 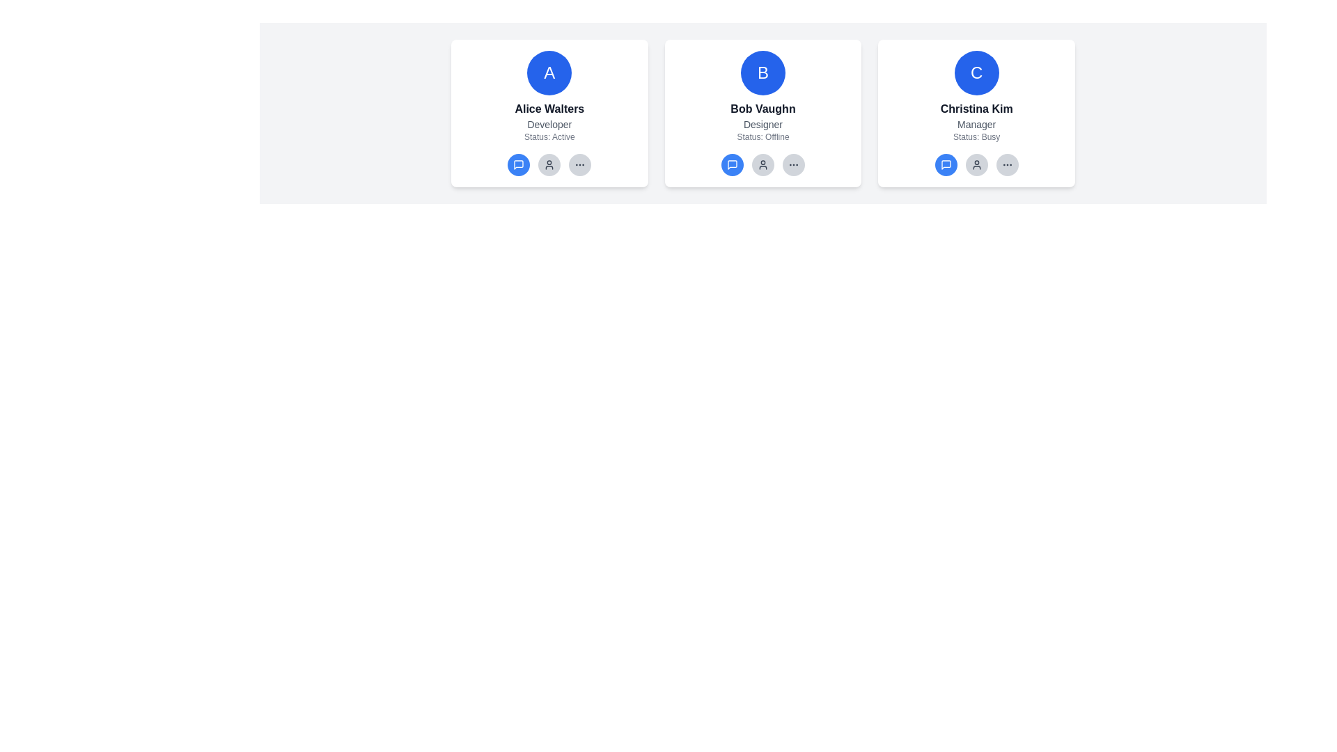 I want to click on the messaging button located at the bottom row under the 'Christina Kim' profile card, which is the first button from the left among three buttons, to receive visual feedback, so click(x=946, y=164).